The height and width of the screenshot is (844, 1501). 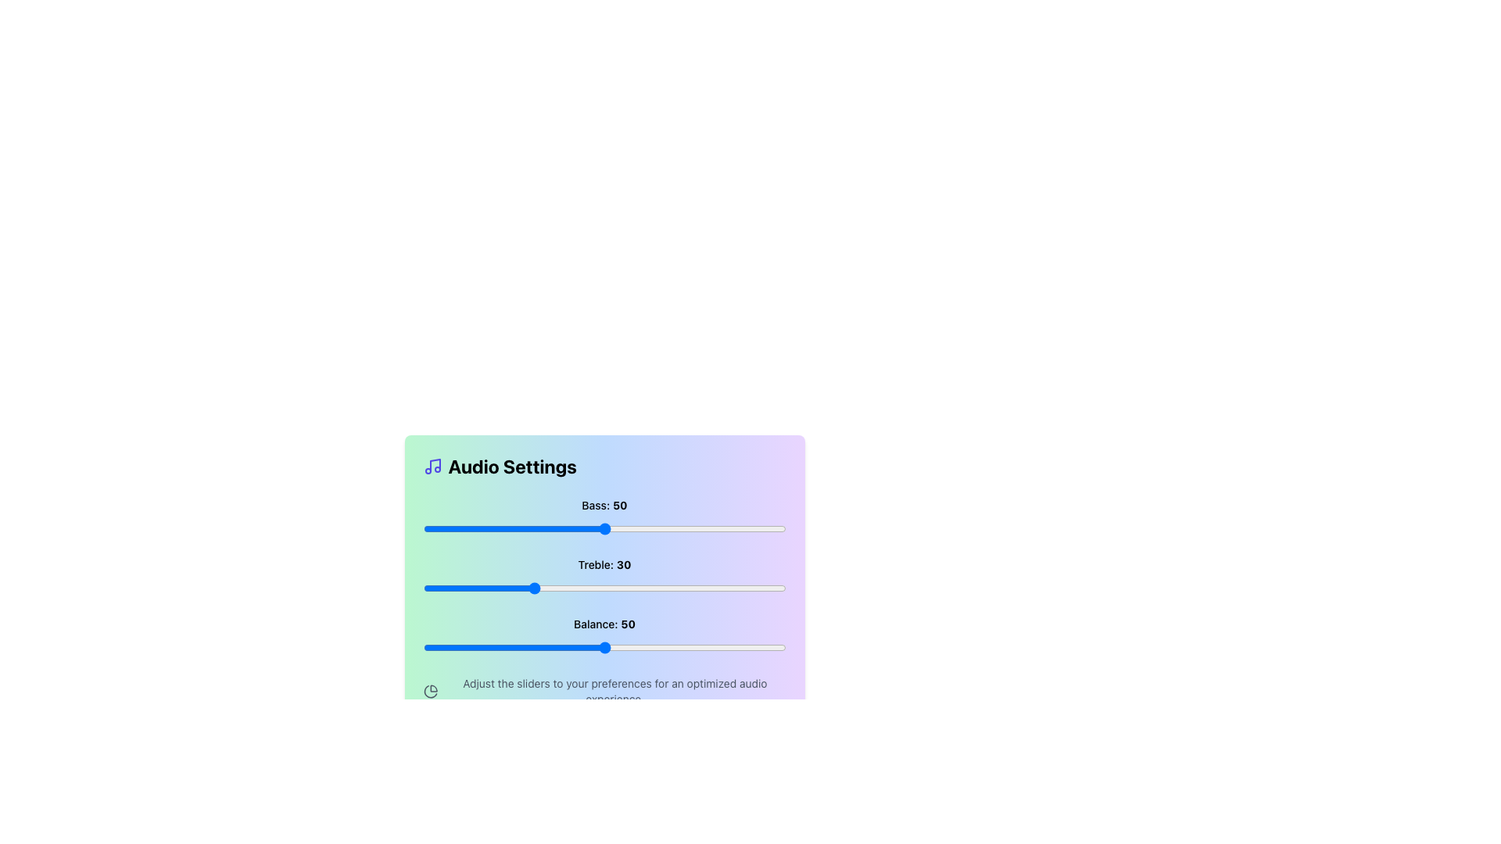 I want to click on the treble level, so click(x=503, y=588).